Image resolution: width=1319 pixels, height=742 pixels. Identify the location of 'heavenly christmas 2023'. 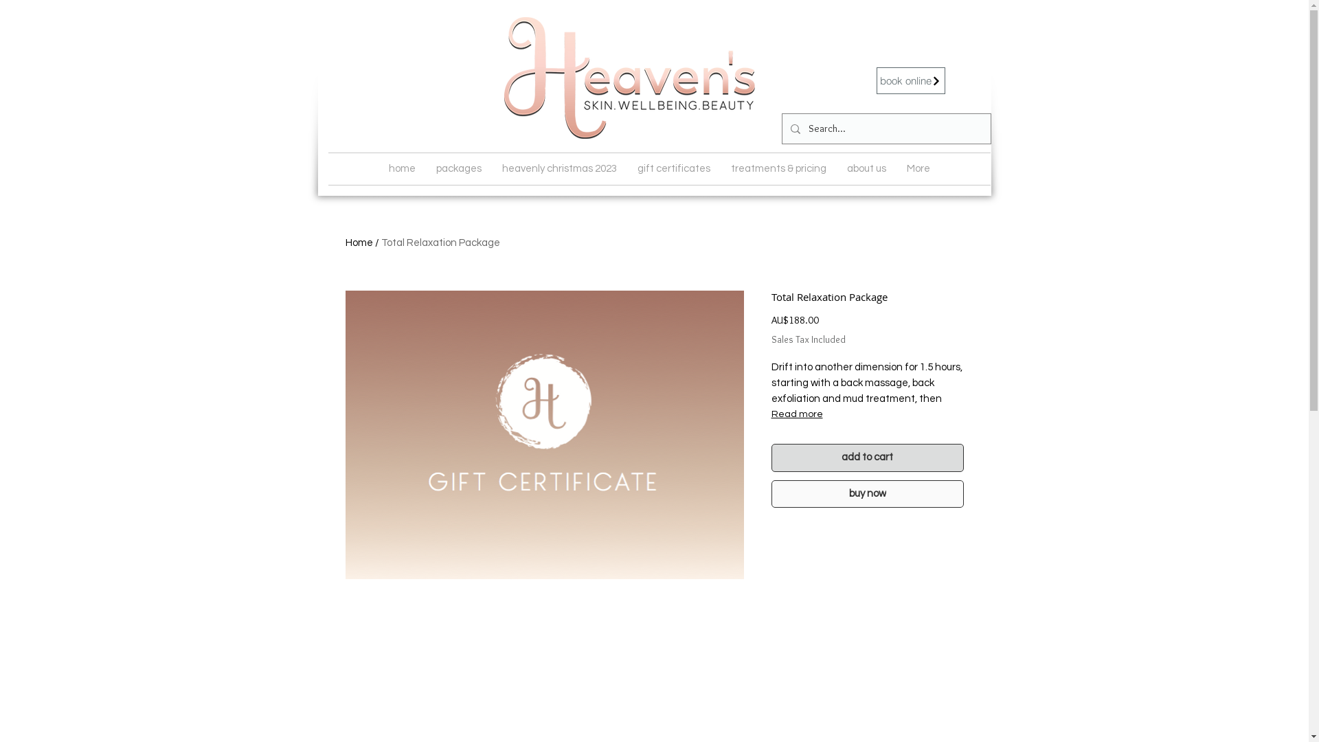
(559, 168).